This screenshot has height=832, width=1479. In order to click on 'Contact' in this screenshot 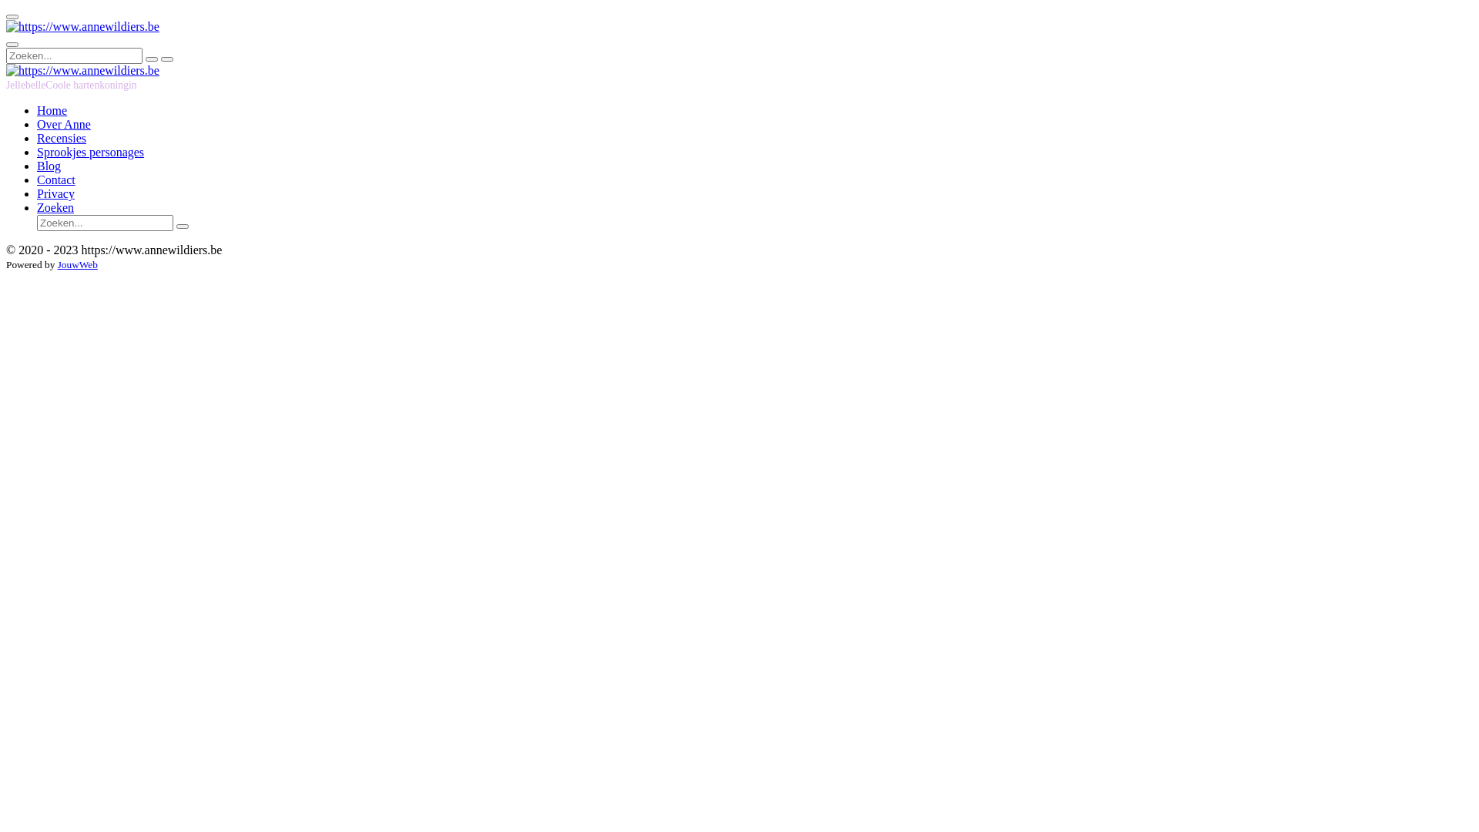, I will do `click(55, 179)`.